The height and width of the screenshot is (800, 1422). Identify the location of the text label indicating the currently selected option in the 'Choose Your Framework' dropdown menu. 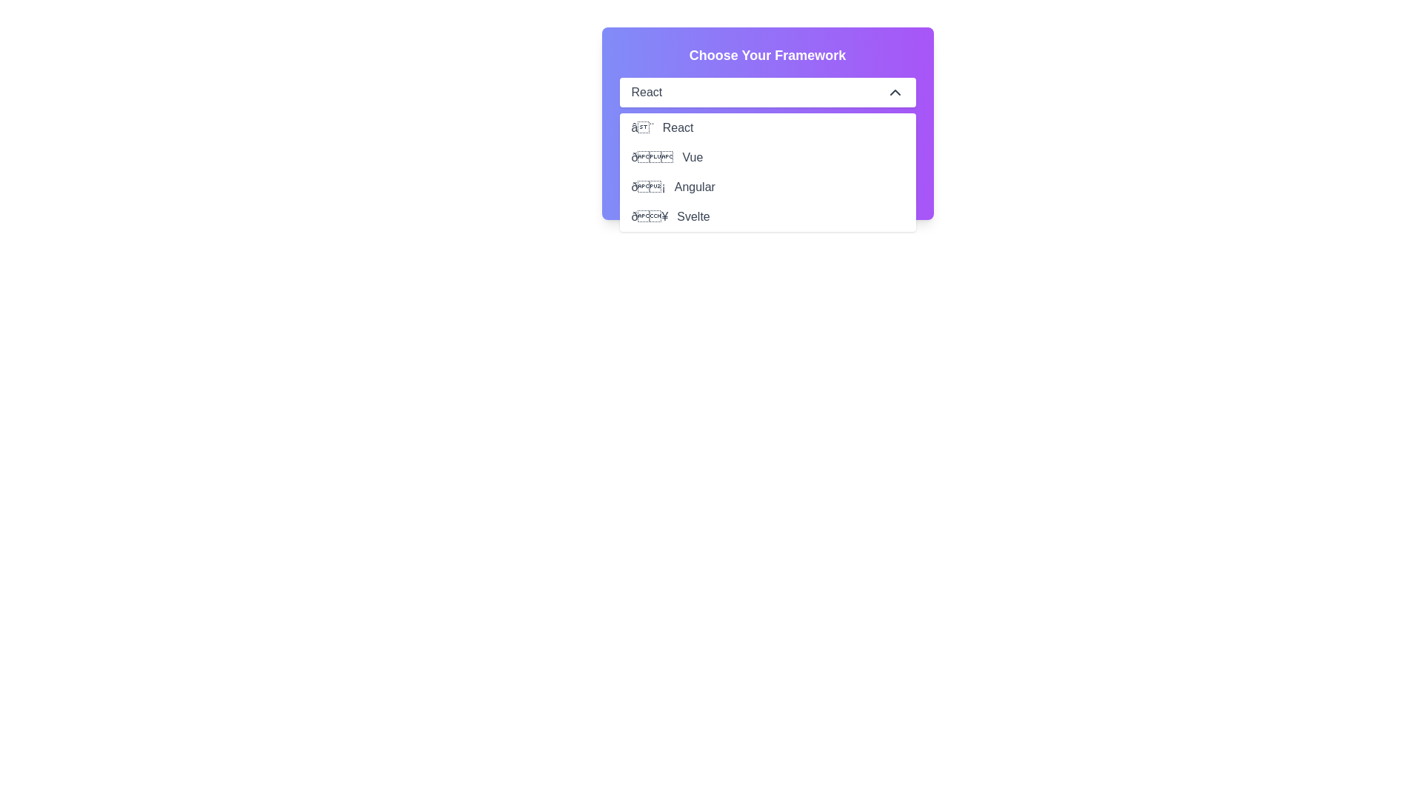
(647, 92).